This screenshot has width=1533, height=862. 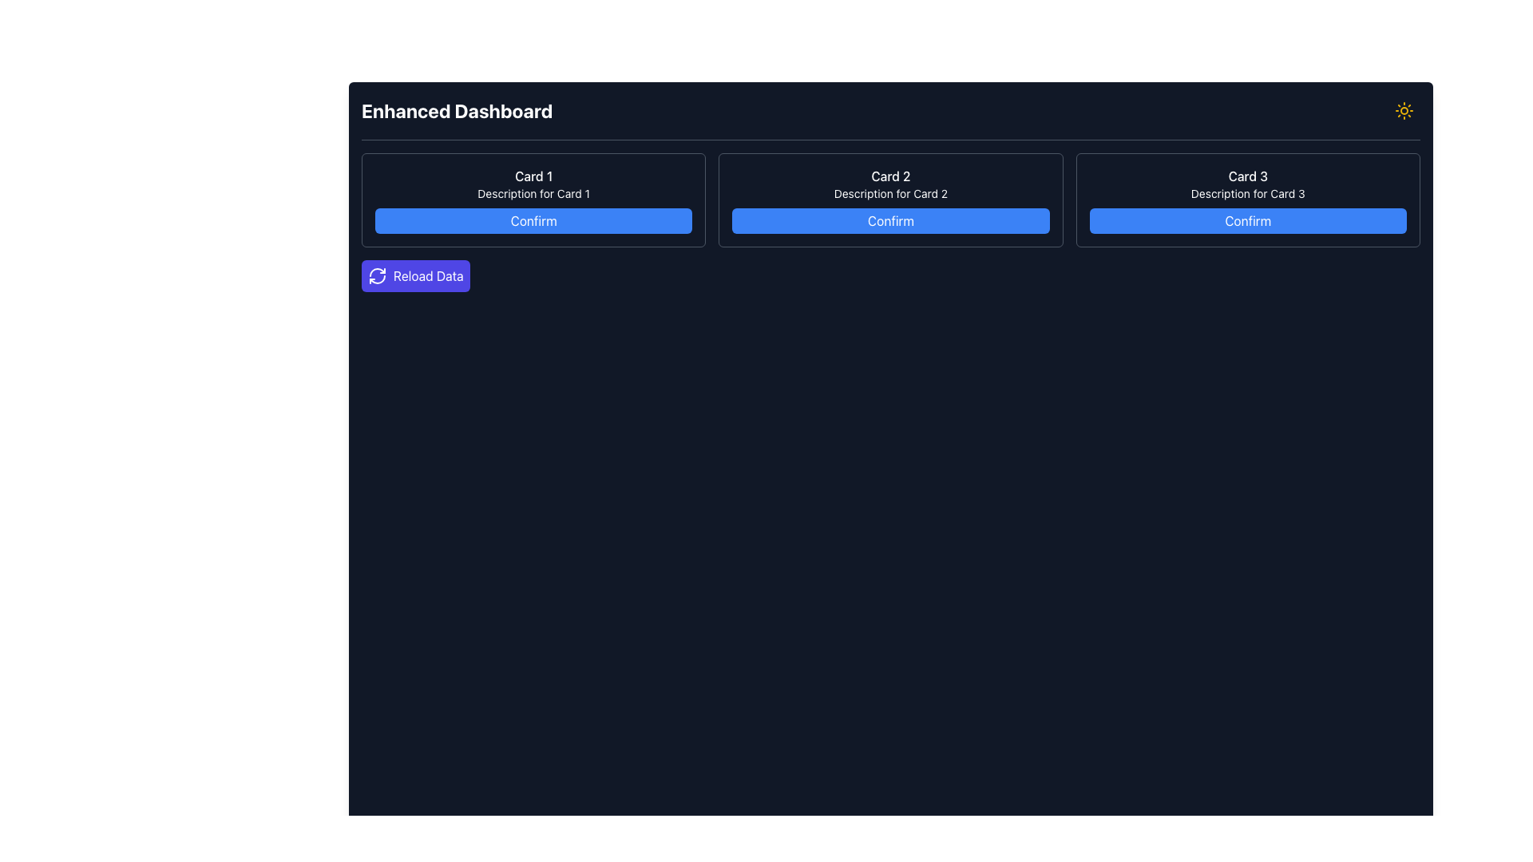 I want to click on the 'Confirm' button with white text on a blue background located in 'Card 2', so click(x=889, y=221).